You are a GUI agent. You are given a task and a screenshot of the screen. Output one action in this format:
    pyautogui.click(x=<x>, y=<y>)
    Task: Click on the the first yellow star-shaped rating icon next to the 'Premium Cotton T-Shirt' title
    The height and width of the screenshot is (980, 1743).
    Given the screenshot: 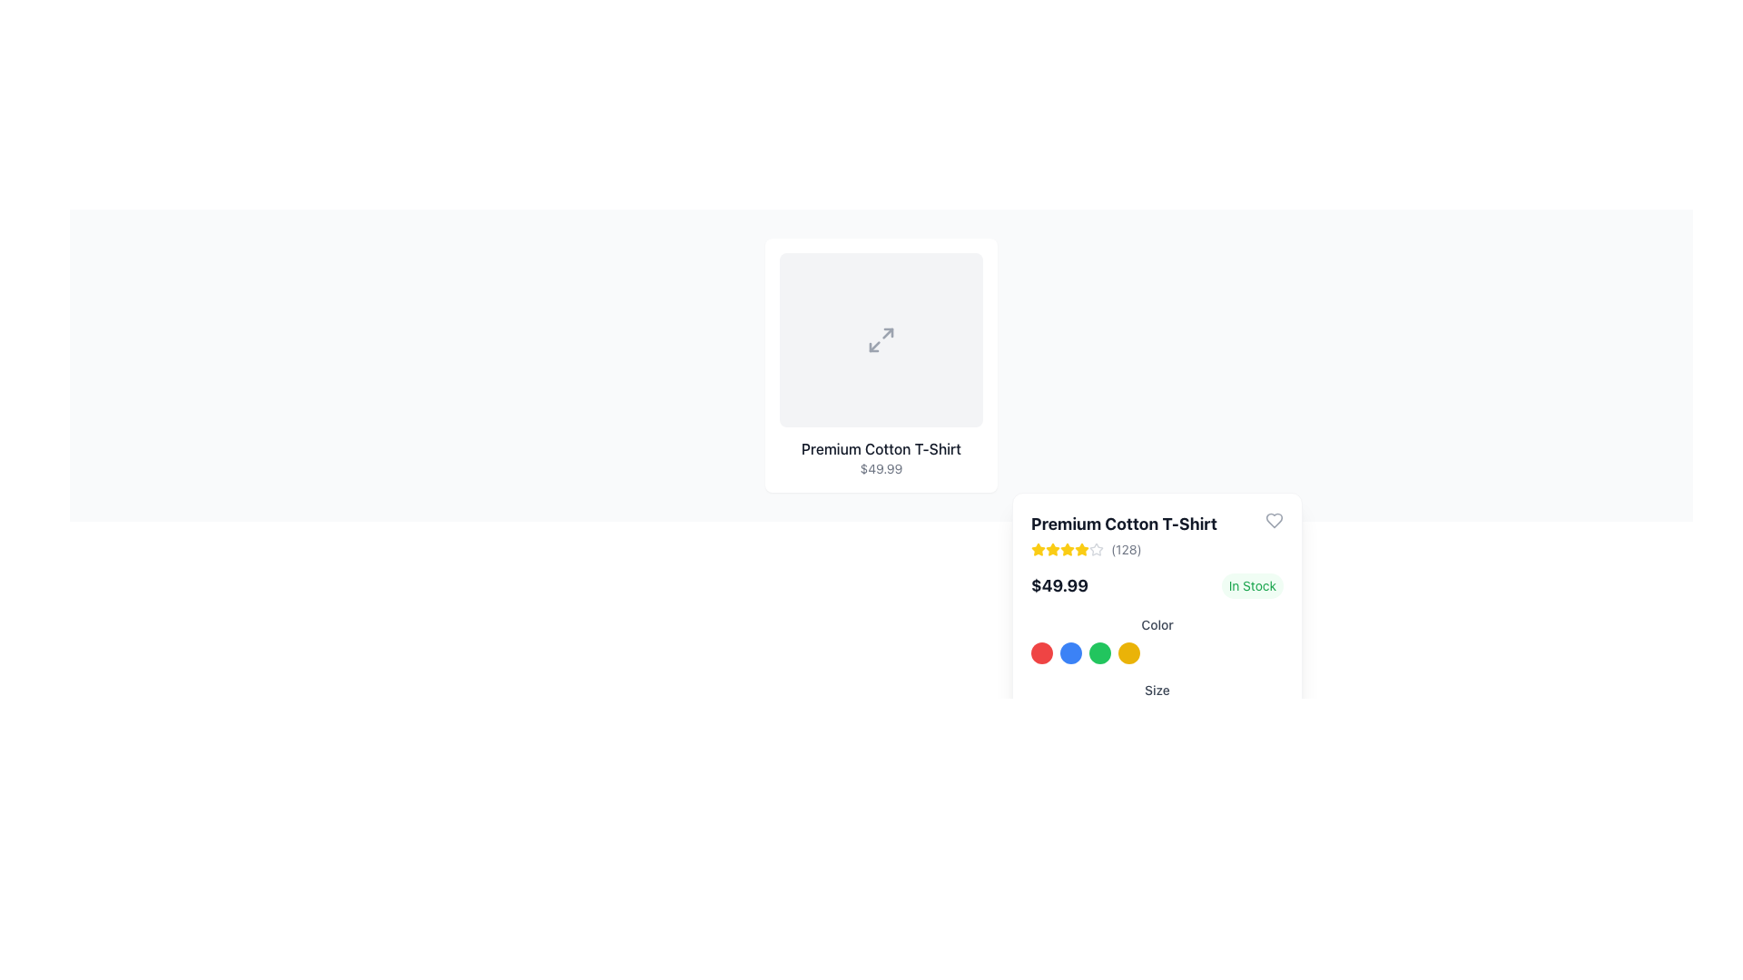 What is the action you would take?
    pyautogui.click(x=1081, y=548)
    